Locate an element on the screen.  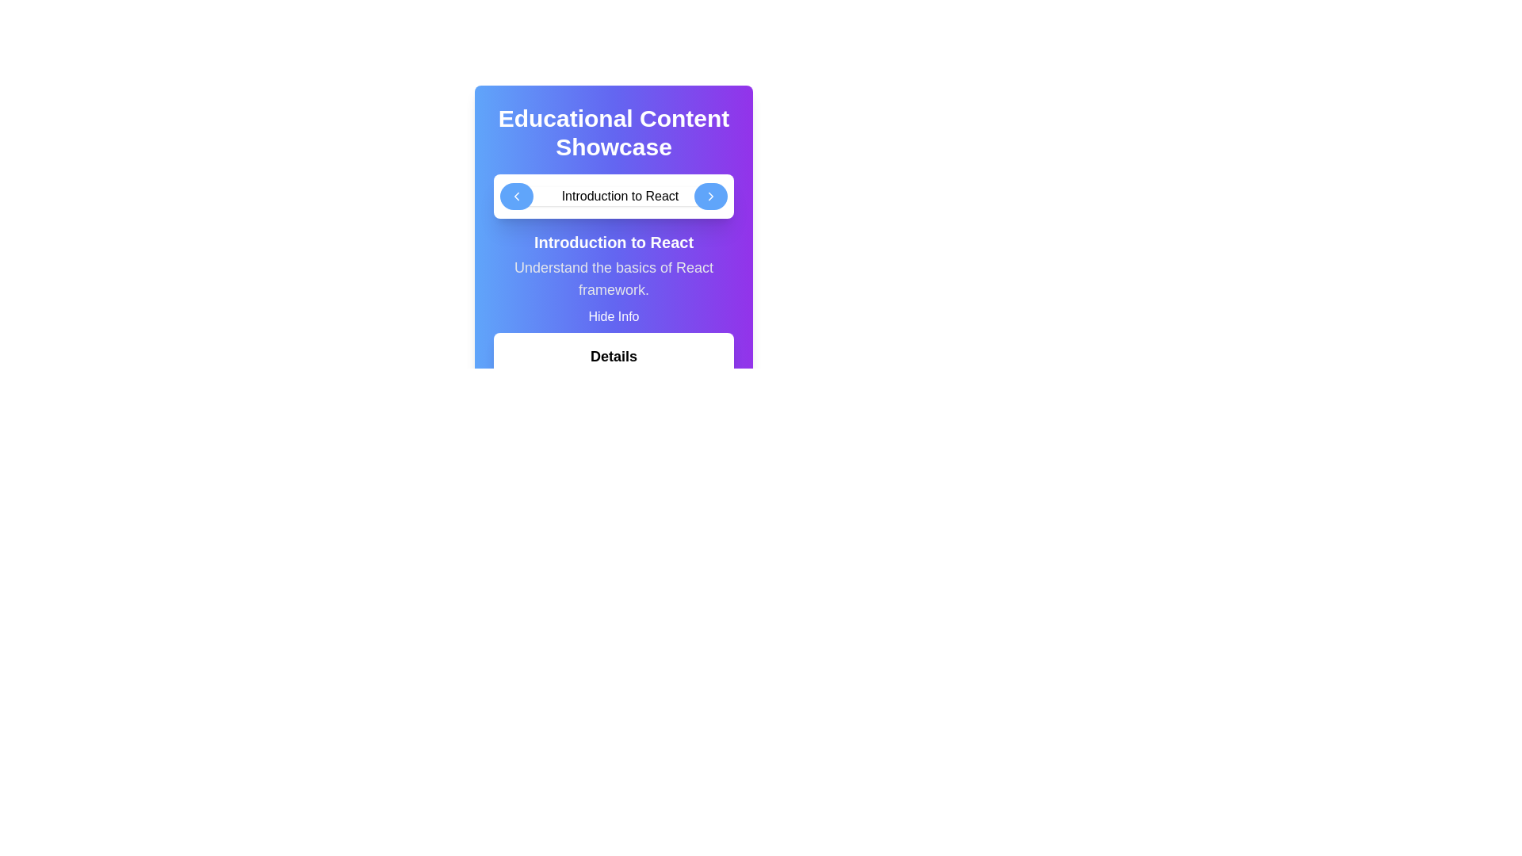
the 'Hide Info' text label which is styled in white color and appears on a gradient blue-purple background, to observe the styling changes is located at coordinates (613, 317).